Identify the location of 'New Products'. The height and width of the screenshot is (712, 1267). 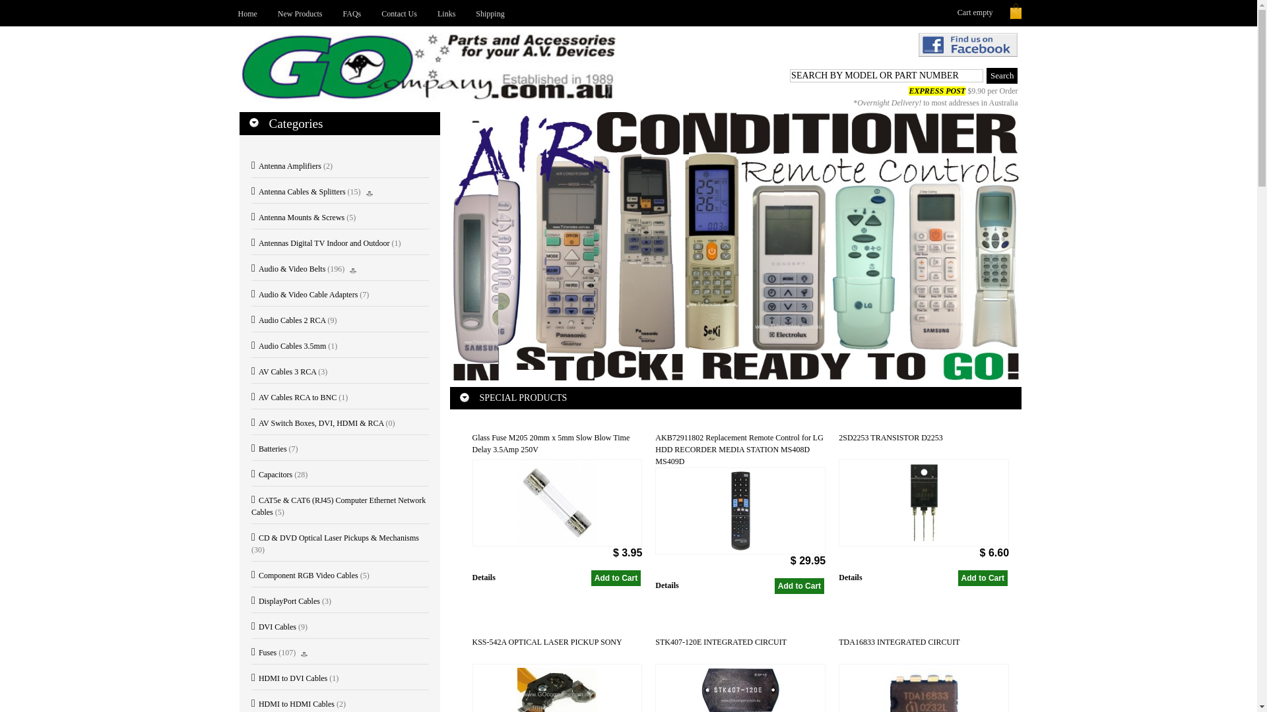
(300, 13).